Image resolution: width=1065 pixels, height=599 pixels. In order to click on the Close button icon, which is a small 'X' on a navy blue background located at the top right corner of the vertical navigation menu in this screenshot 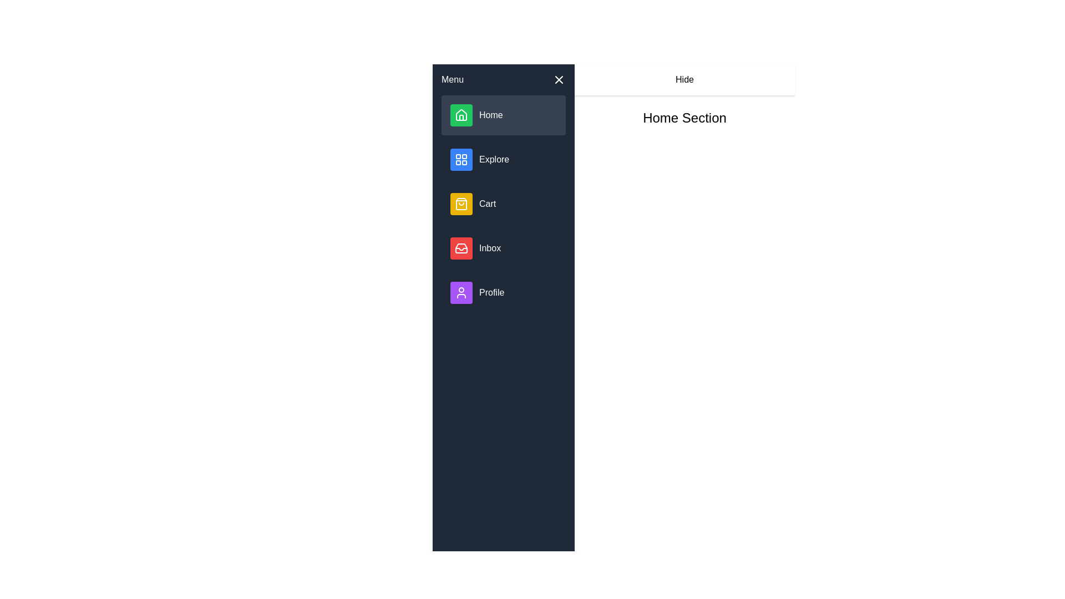, I will do `click(559, 79)`.